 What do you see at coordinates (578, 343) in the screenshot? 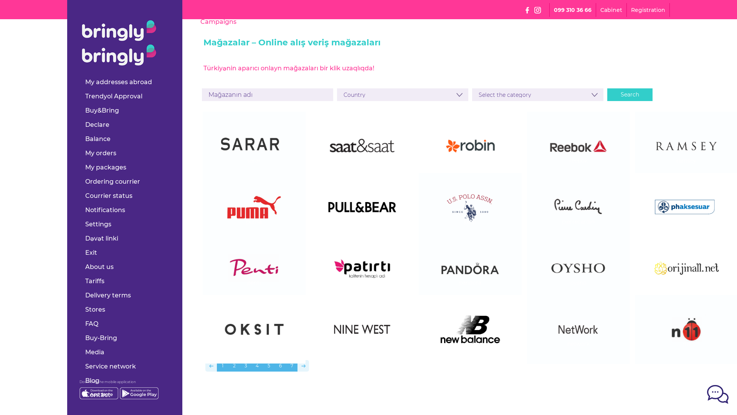
I see `'network'` at bounding box center [578, 343].